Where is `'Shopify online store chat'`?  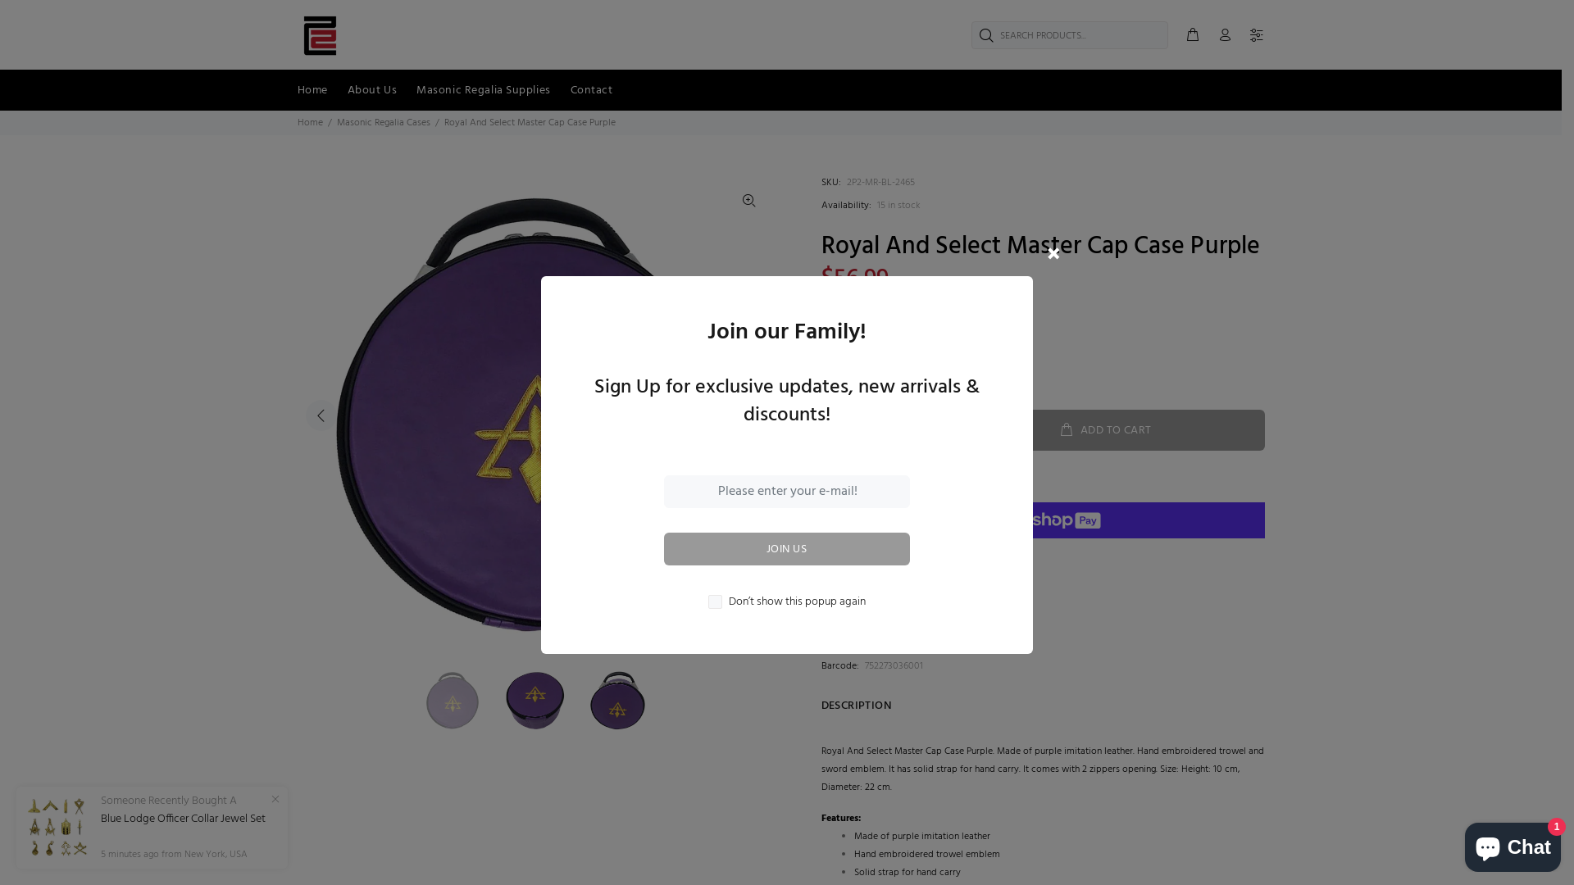
'Shopify online store chat' is located at coordinates (1512, 843).